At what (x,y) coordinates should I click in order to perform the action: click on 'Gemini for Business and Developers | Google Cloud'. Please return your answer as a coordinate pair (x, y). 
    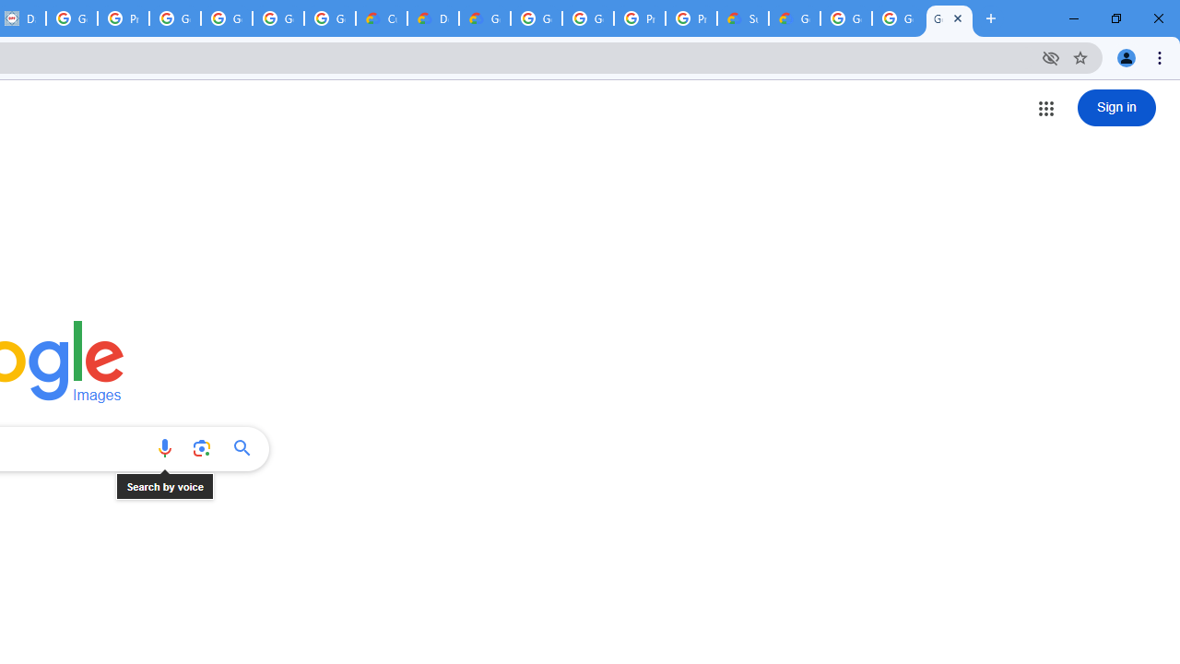
    Looking at the image, I should click on (485, 18).